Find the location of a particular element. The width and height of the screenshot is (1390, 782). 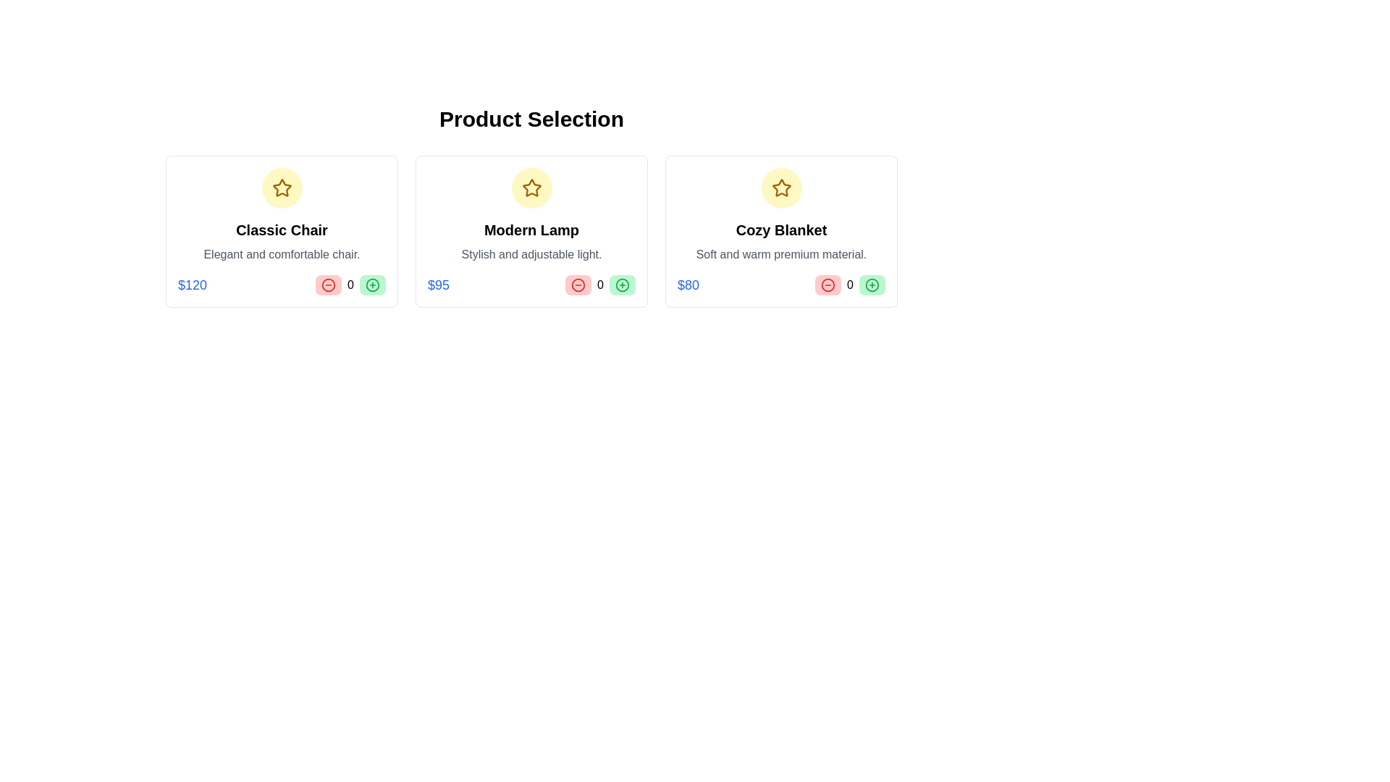

the circular green '+' button located at the bottom-right corner of the 'Classic Chair' card is located at coordinates (372, 285).